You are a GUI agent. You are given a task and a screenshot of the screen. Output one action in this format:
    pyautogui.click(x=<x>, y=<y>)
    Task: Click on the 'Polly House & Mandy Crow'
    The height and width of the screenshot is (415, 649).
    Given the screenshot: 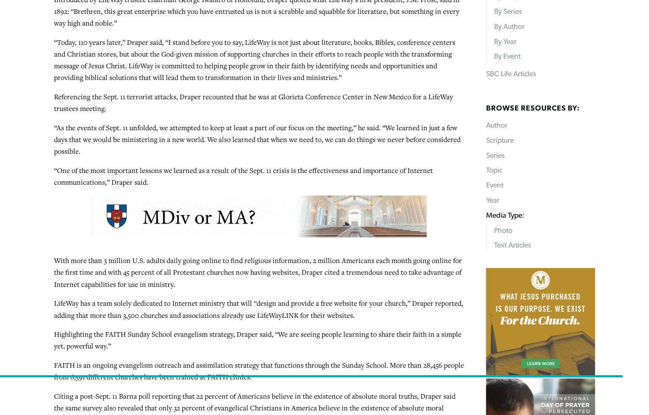 What is the action you would take?
    pyautogui.click(x=115, y=209)
    